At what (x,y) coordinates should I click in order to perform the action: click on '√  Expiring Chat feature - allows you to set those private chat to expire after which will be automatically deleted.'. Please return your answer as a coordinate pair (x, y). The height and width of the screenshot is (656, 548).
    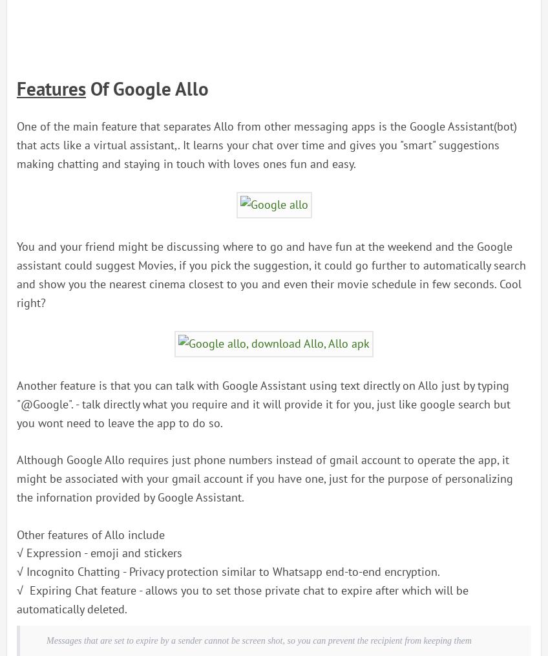
    Looking at the image, I should click on (16, 598).